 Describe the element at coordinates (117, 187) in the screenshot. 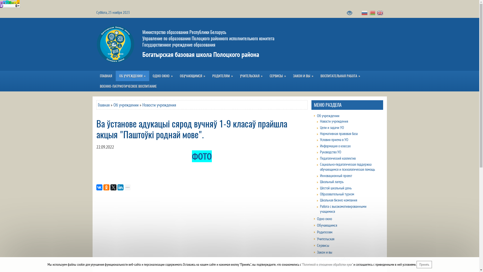

I see `'LinkedIn'` at that location.